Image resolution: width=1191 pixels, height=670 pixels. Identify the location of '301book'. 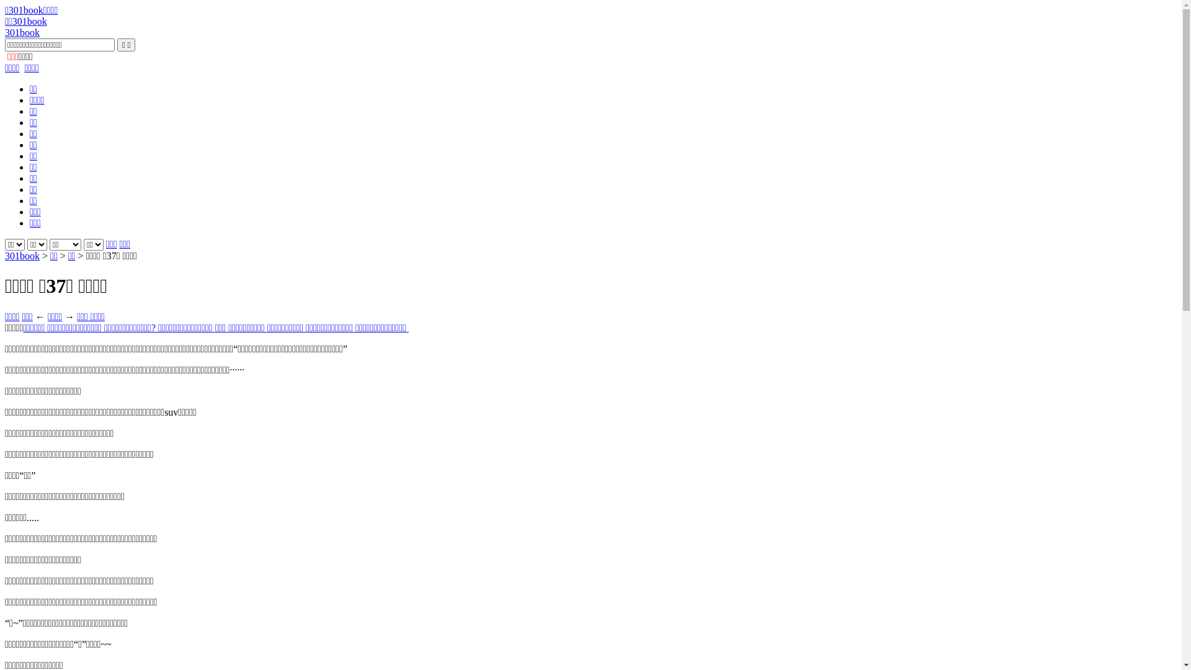
(22, 32).